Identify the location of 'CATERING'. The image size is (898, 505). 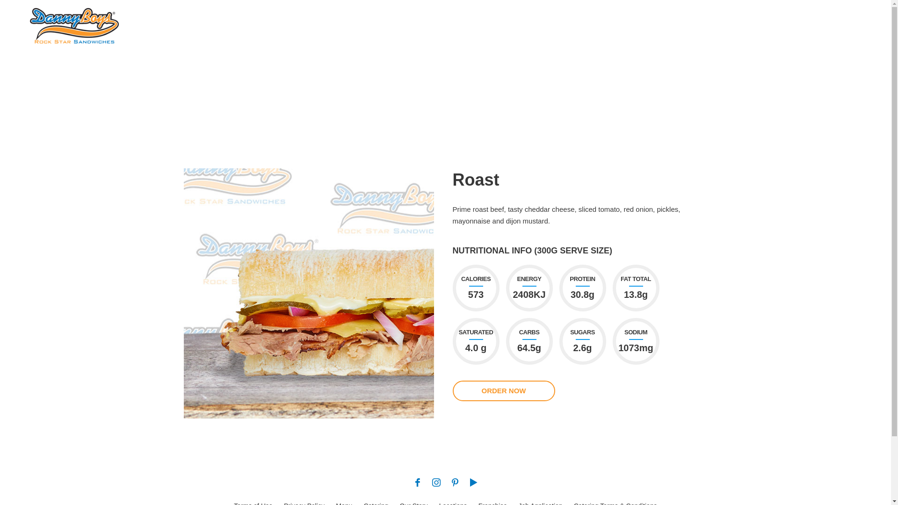
(516, 22).